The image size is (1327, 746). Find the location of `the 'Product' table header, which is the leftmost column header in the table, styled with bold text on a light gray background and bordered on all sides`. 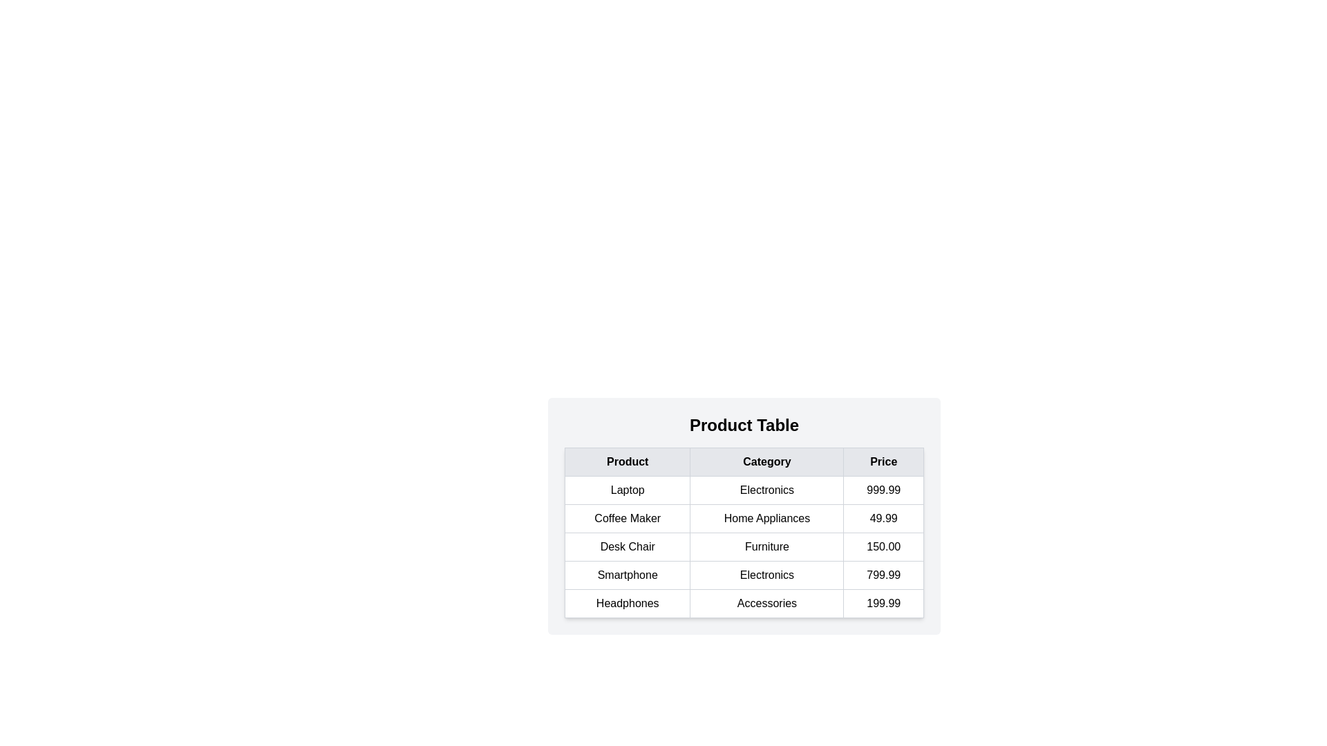

the 'Product' table header, which is the leftmost column header in the table, styled with bold text on a light gray background and bordered on all sides is located at coordinates (627, 461).